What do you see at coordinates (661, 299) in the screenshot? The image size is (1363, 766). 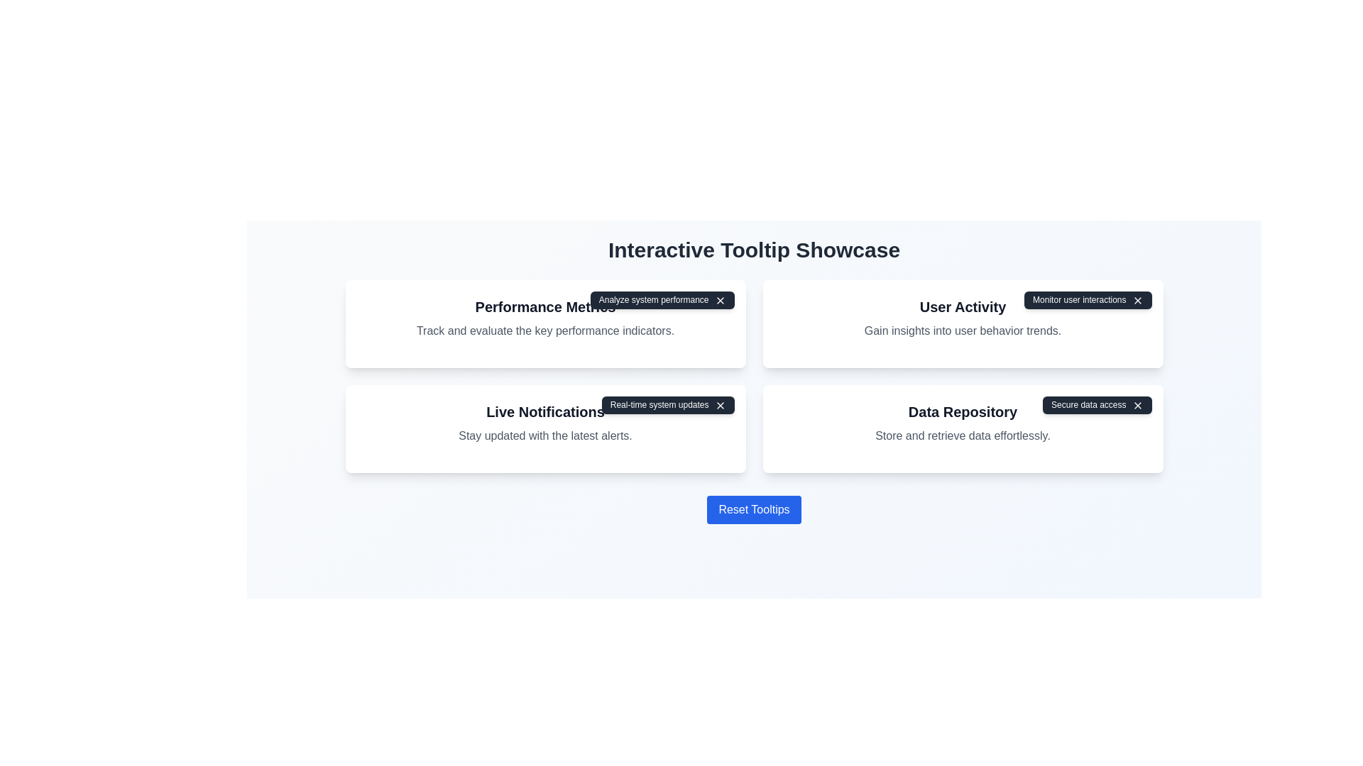 I see `the 'X' icon of the Tooltip displaying 'Analyze system performance'` at bounding box center [661, 299].